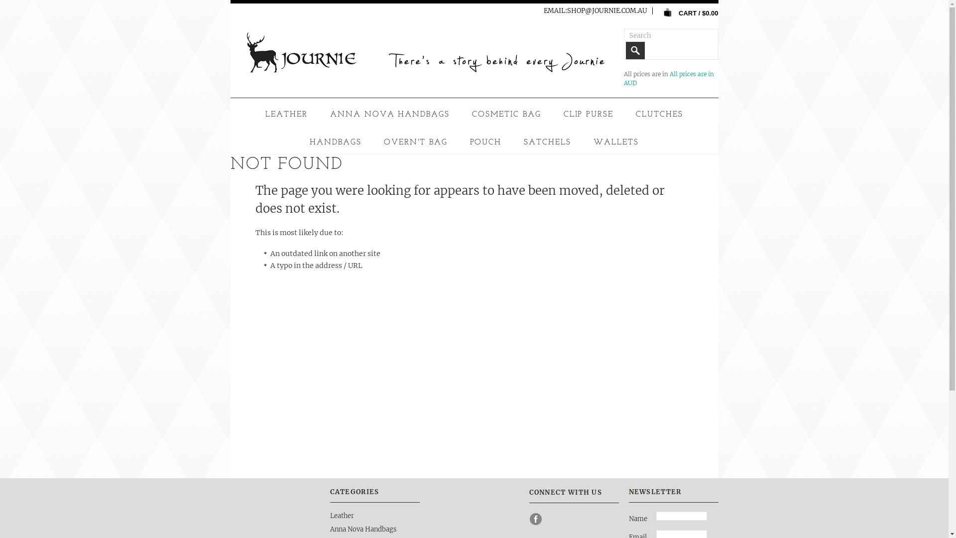 This screenshot has width=956, height=538. Describe the element at coordinates (342, 516) in the screenshot. I see `'Leather'` at that location.